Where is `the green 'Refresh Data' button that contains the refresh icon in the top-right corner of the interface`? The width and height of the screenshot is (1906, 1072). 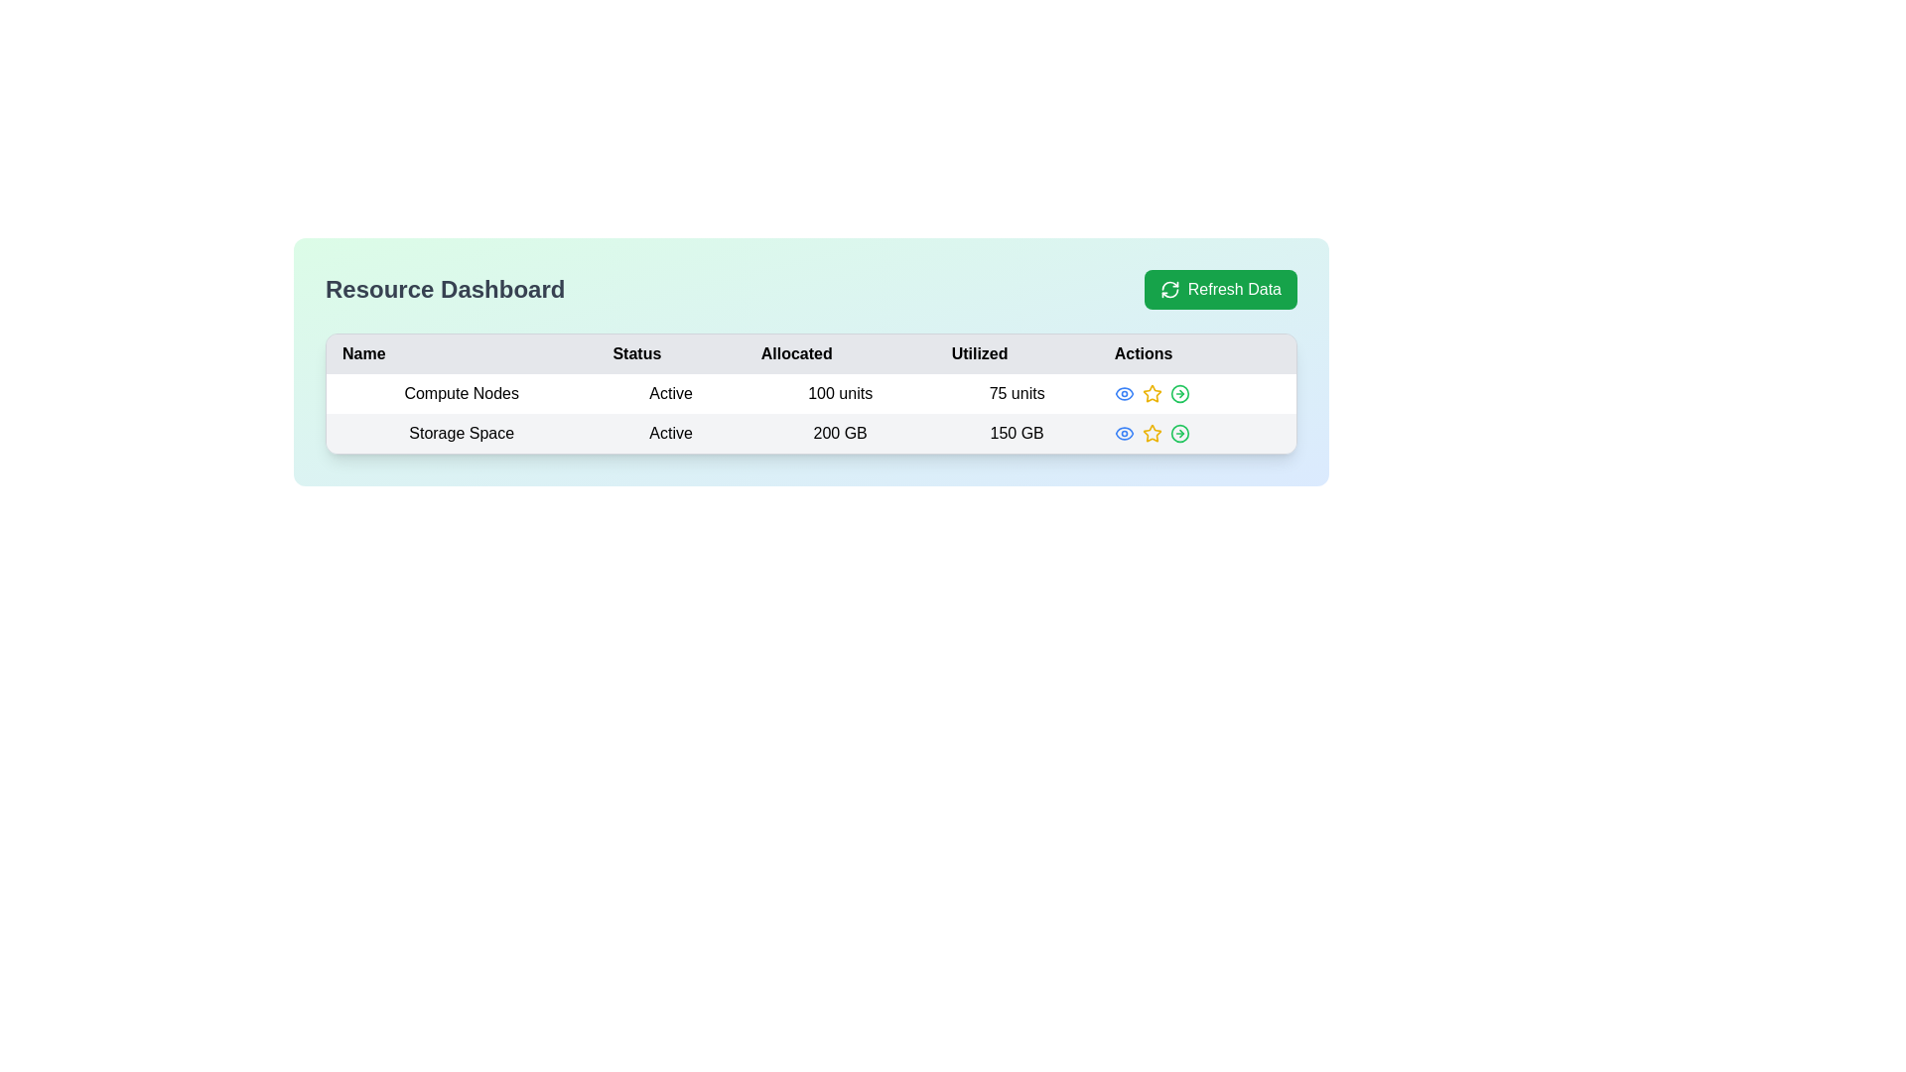 the green 'Refresh Data' button that contains the refresh icon in the top-right corner of the interface is located at coordinates (1168, 290).